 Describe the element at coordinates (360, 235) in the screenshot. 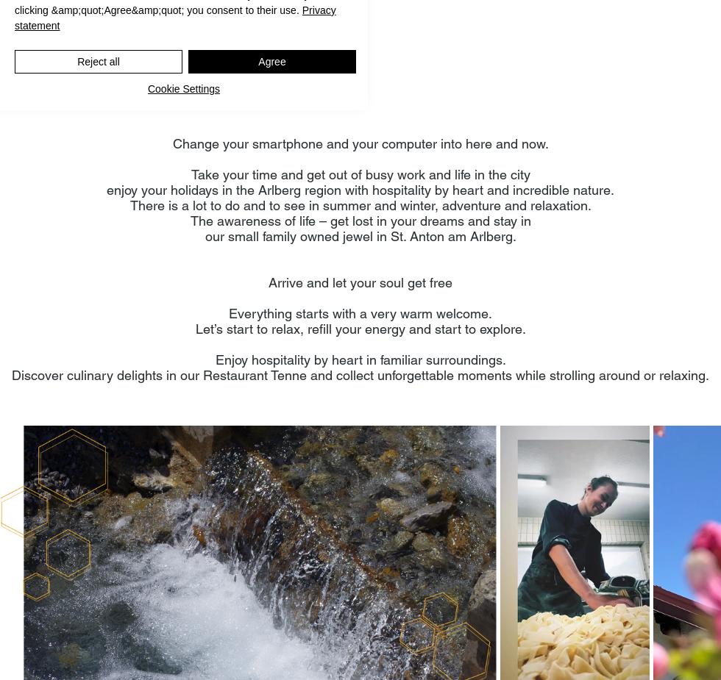

I see `'our small family owned jewel in St. Anton am Arlberg.'` at that location.